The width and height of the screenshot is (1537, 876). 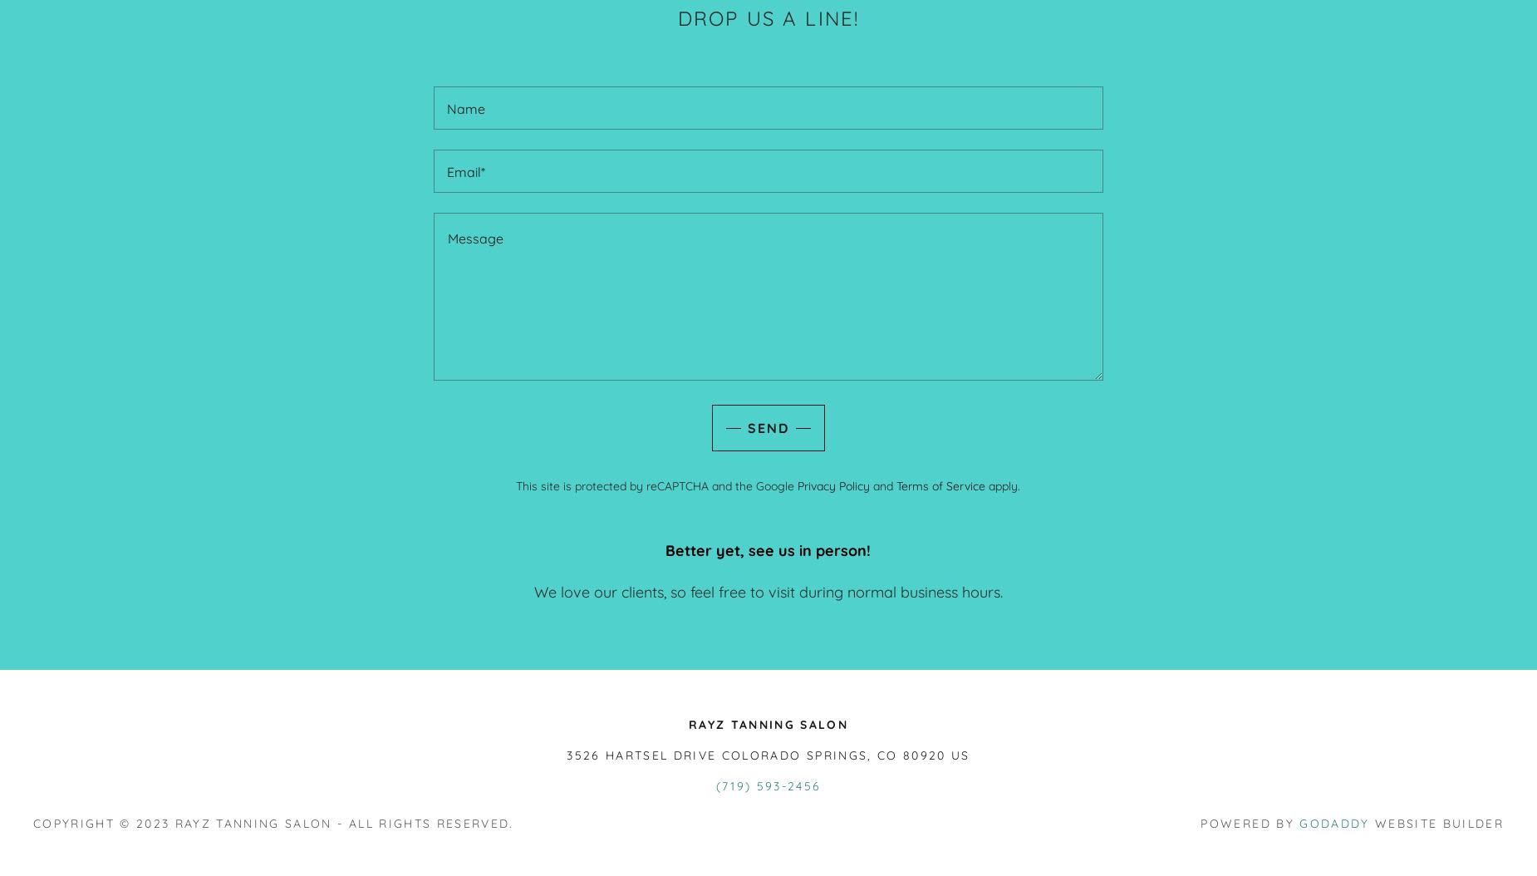 What do you see at coordinates (533, 590) in the screenshot?
I see `'We love our clients, so feel free to visit during normal business hours.'` at bounding box center [533, 590].